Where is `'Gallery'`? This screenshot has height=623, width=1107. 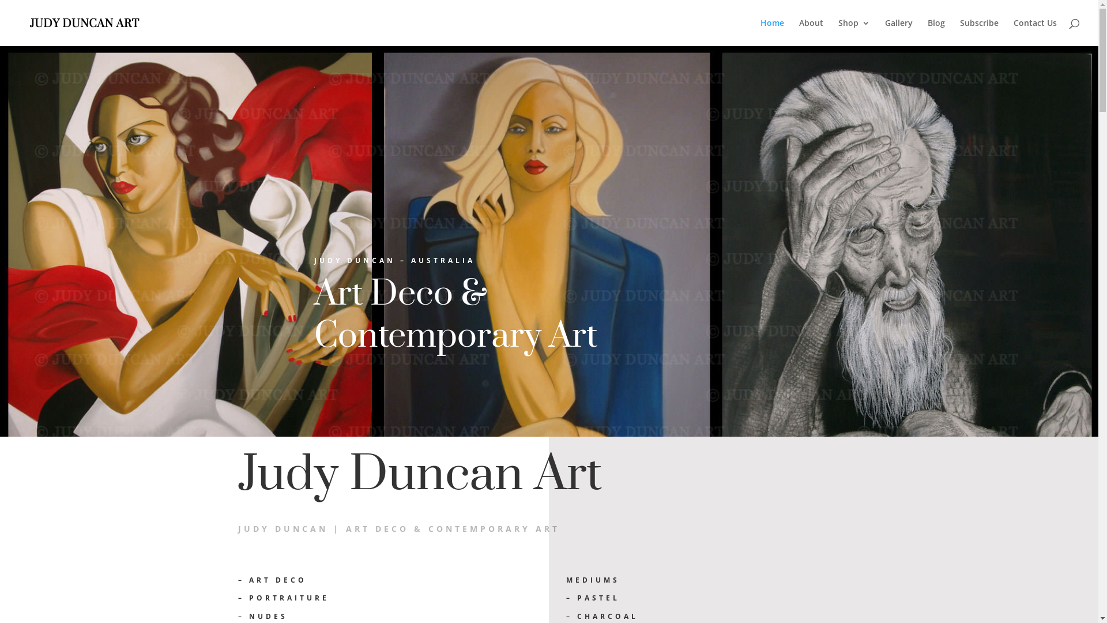 'Gallery' is located at coordinates (884, 32).